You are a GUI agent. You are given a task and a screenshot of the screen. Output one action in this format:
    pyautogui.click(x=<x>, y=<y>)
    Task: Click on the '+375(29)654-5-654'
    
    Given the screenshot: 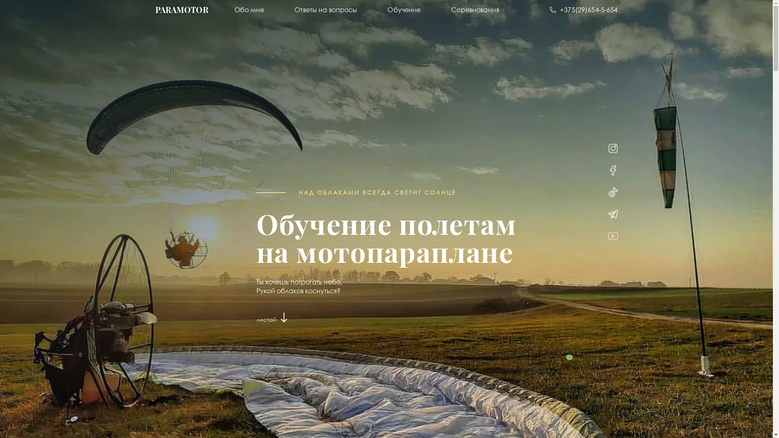 What is the action you would take?
    pyautogui.click(x=583, y=9)
    